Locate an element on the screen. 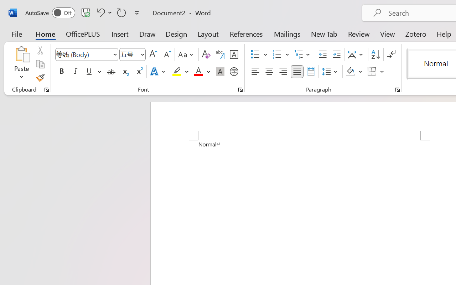  'Borders' is located at coordinates (372, 72).